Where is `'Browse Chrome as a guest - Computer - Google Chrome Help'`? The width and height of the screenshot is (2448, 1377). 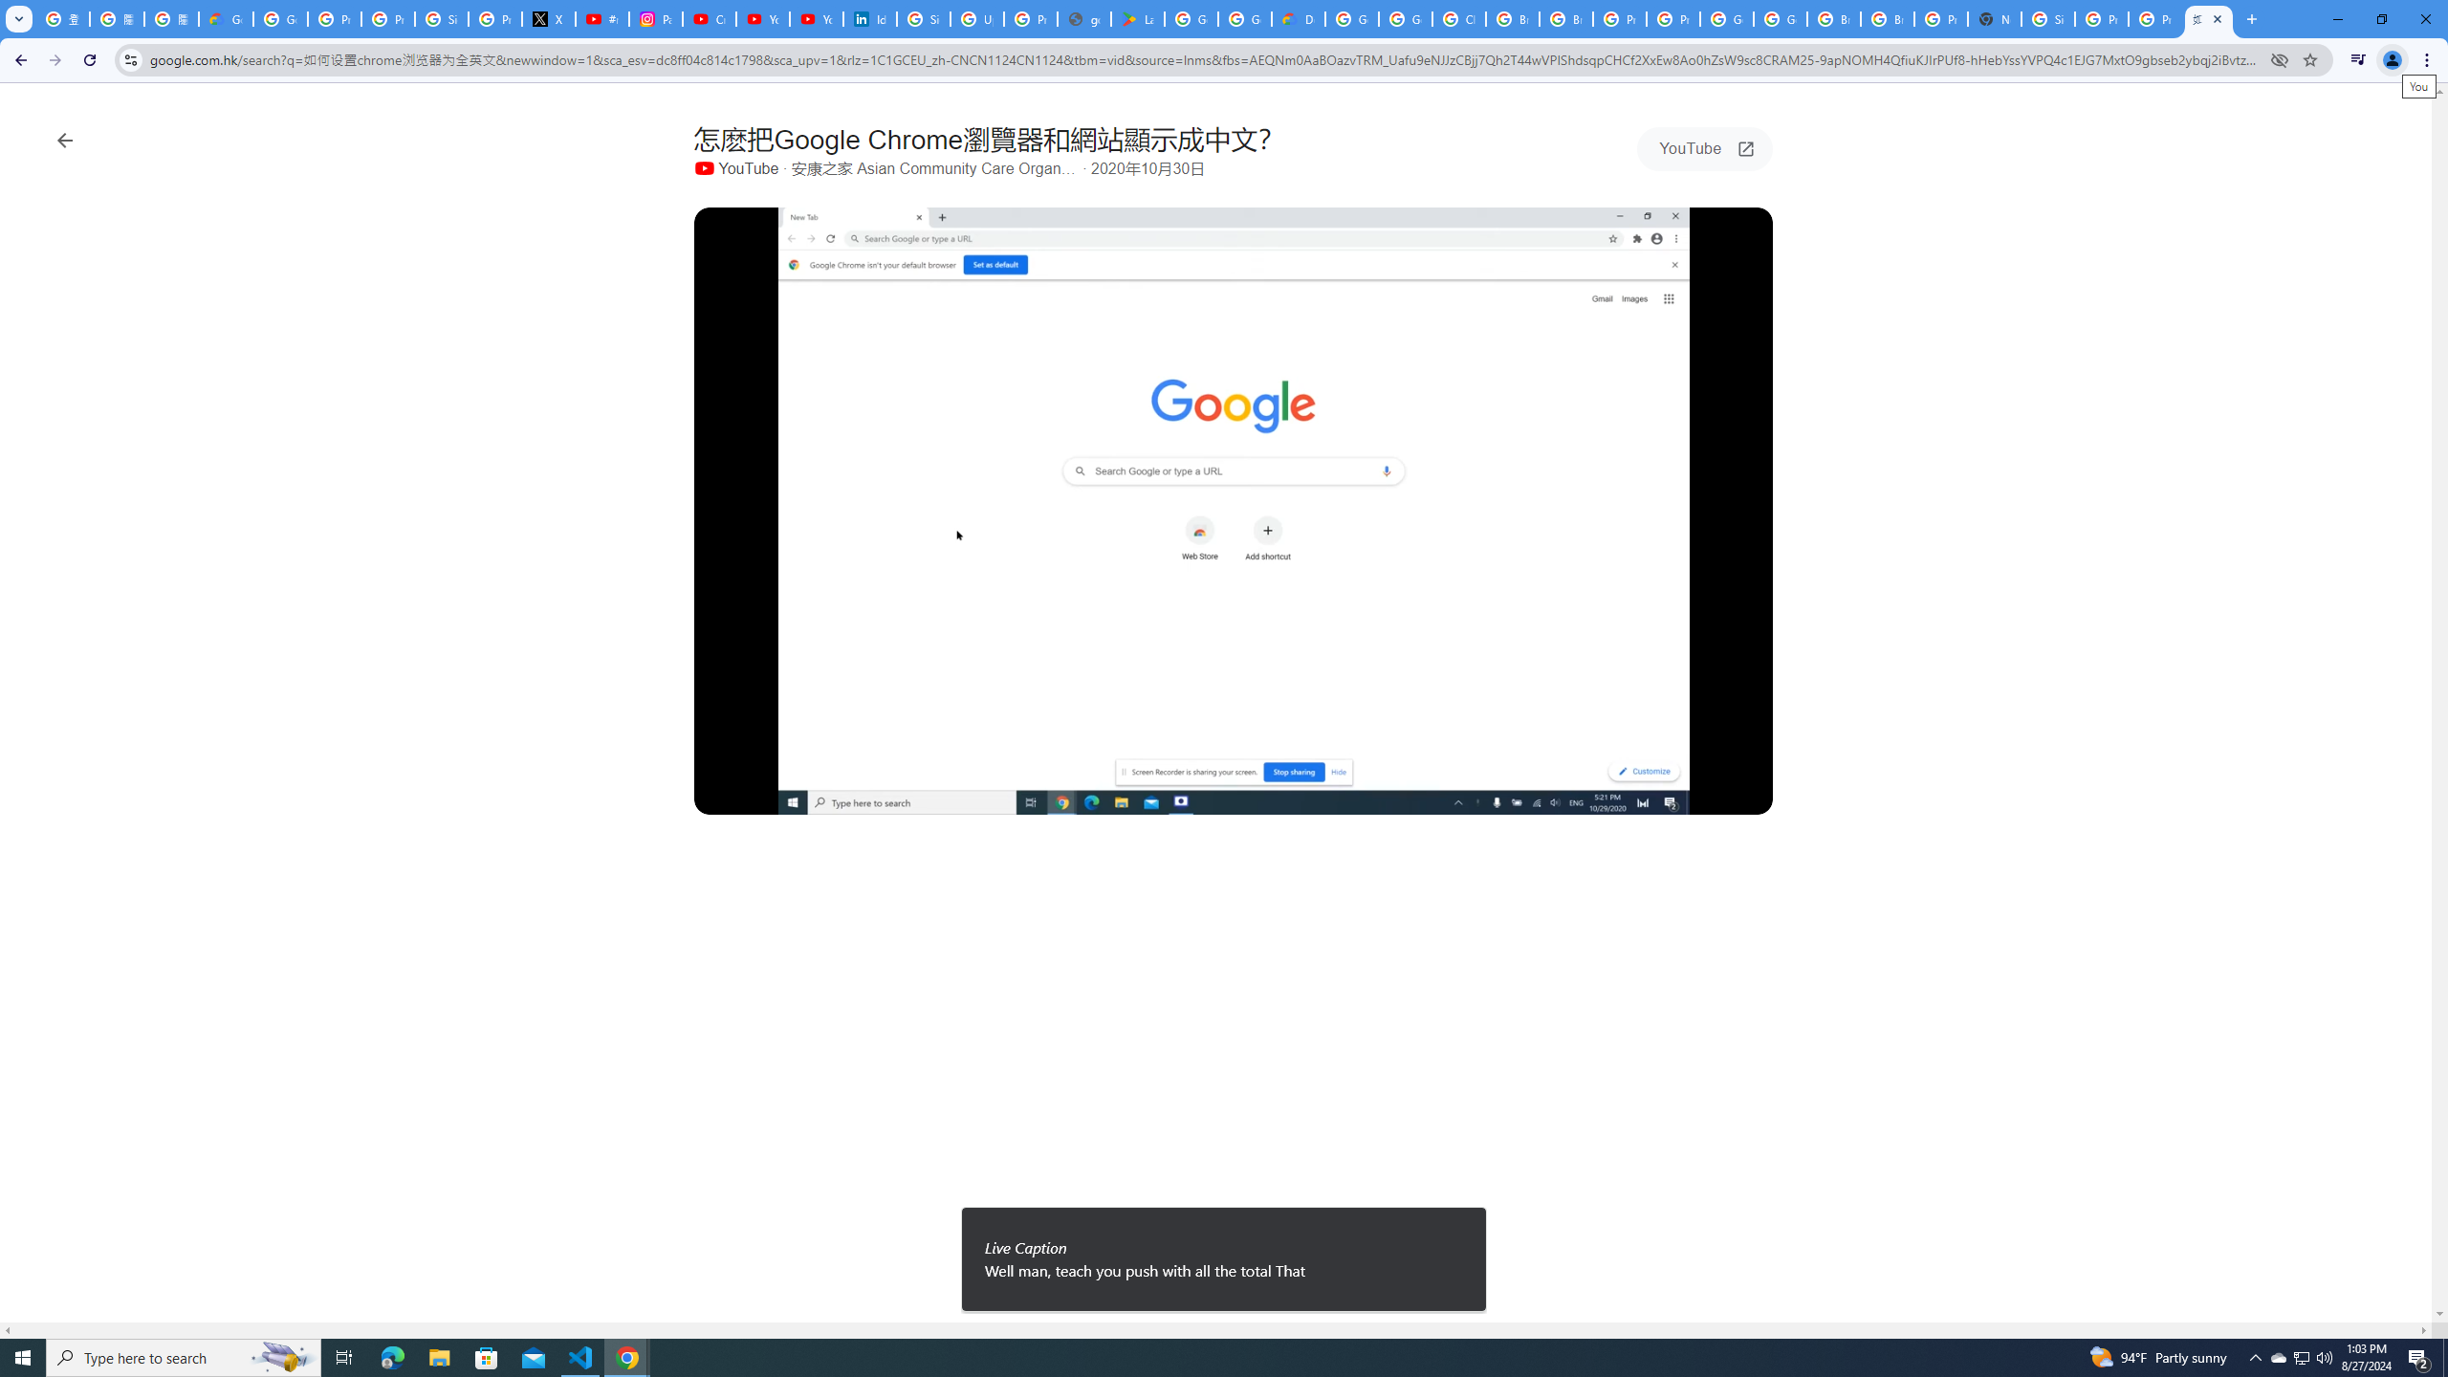 'Browse Chrome as a guest - Computer - Google Chrome Help' is located at coordinates (1564, 18).